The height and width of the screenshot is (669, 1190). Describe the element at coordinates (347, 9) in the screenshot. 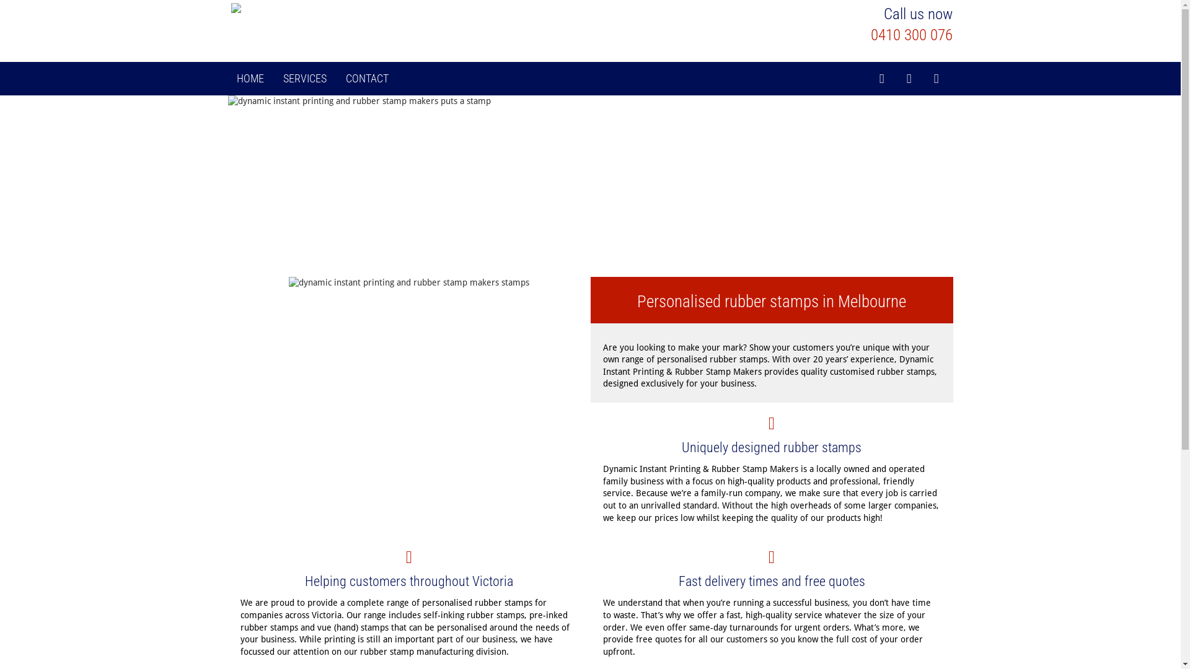

I see `'dynamic instant printing and rubber stamp makers logo'` at that location.